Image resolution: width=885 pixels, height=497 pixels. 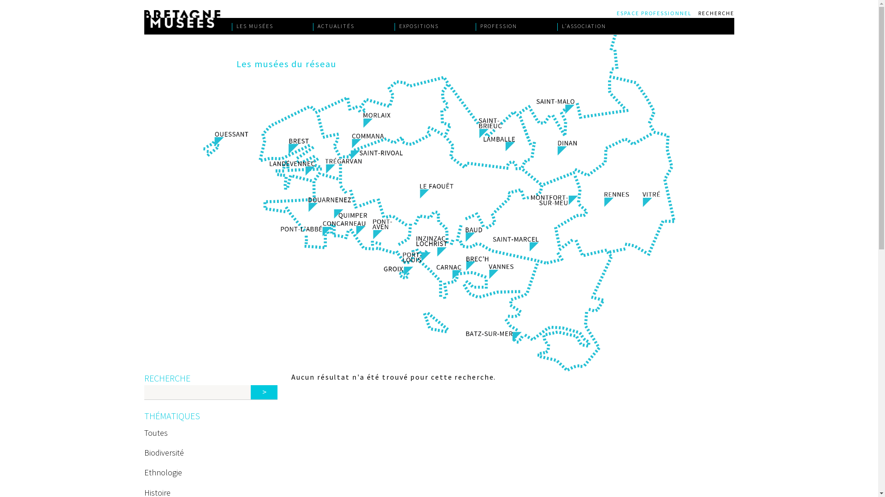 What do you see at coordinates (656, 12) in the screenshot?
I see `'ESPACE PROFESSIONNEL'` at bounding box center [656, 12].